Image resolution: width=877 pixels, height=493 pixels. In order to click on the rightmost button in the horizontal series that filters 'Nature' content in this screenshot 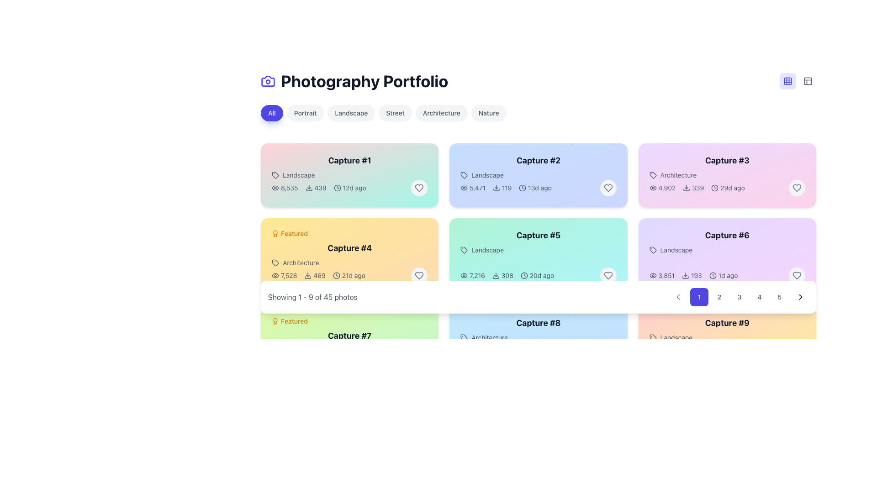, I will do `click(488, 112)`.